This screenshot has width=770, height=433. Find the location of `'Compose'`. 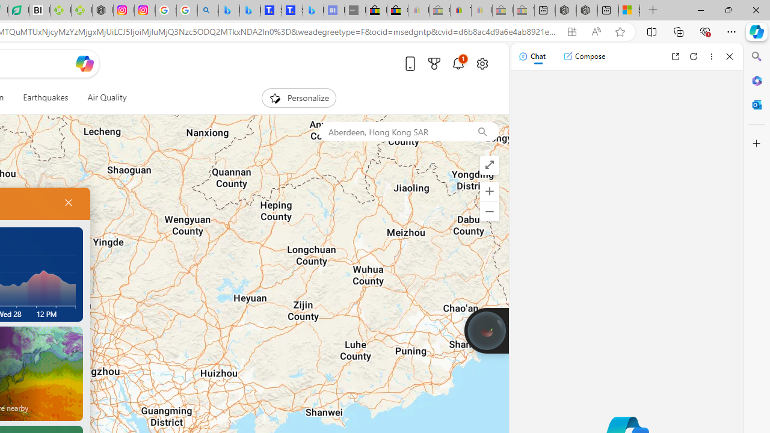

'Compose' is located at coordinates (584, 56).